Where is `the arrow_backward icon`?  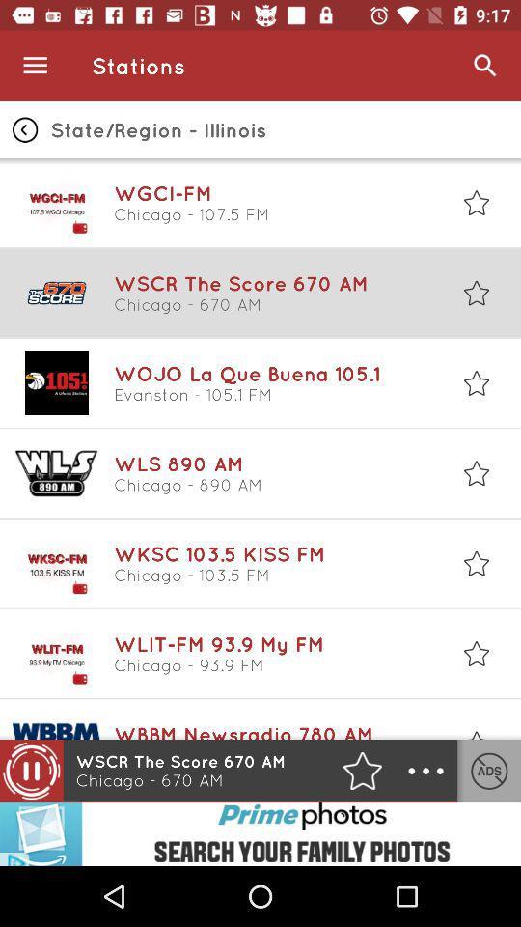 the arrow_backward icon is located at coordinates (24, 128).